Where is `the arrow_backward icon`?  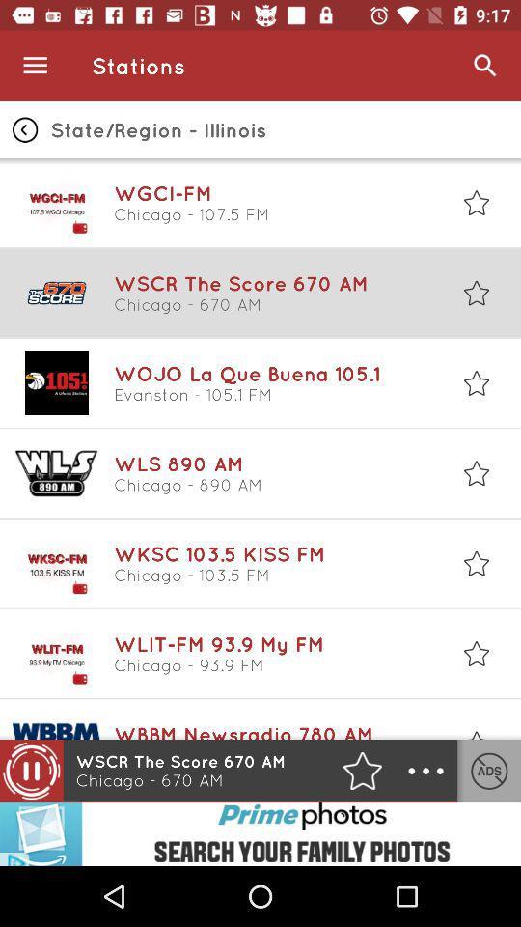 the arrow_backward icon is located at coordinates (24, 128).